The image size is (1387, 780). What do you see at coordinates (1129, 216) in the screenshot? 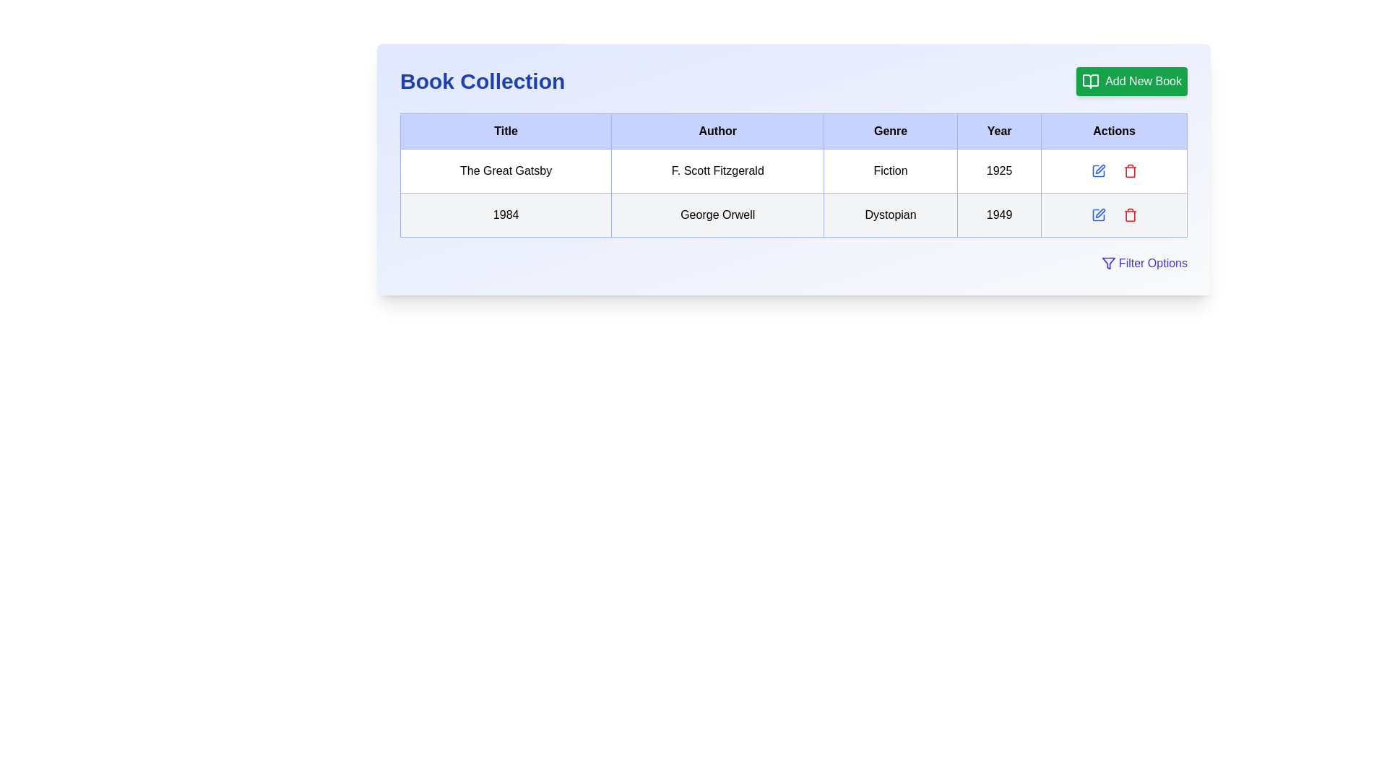
I see `the delete button located in the 'Actions' column of the table, specifically in the second row` at bounding box center [1129, 216].